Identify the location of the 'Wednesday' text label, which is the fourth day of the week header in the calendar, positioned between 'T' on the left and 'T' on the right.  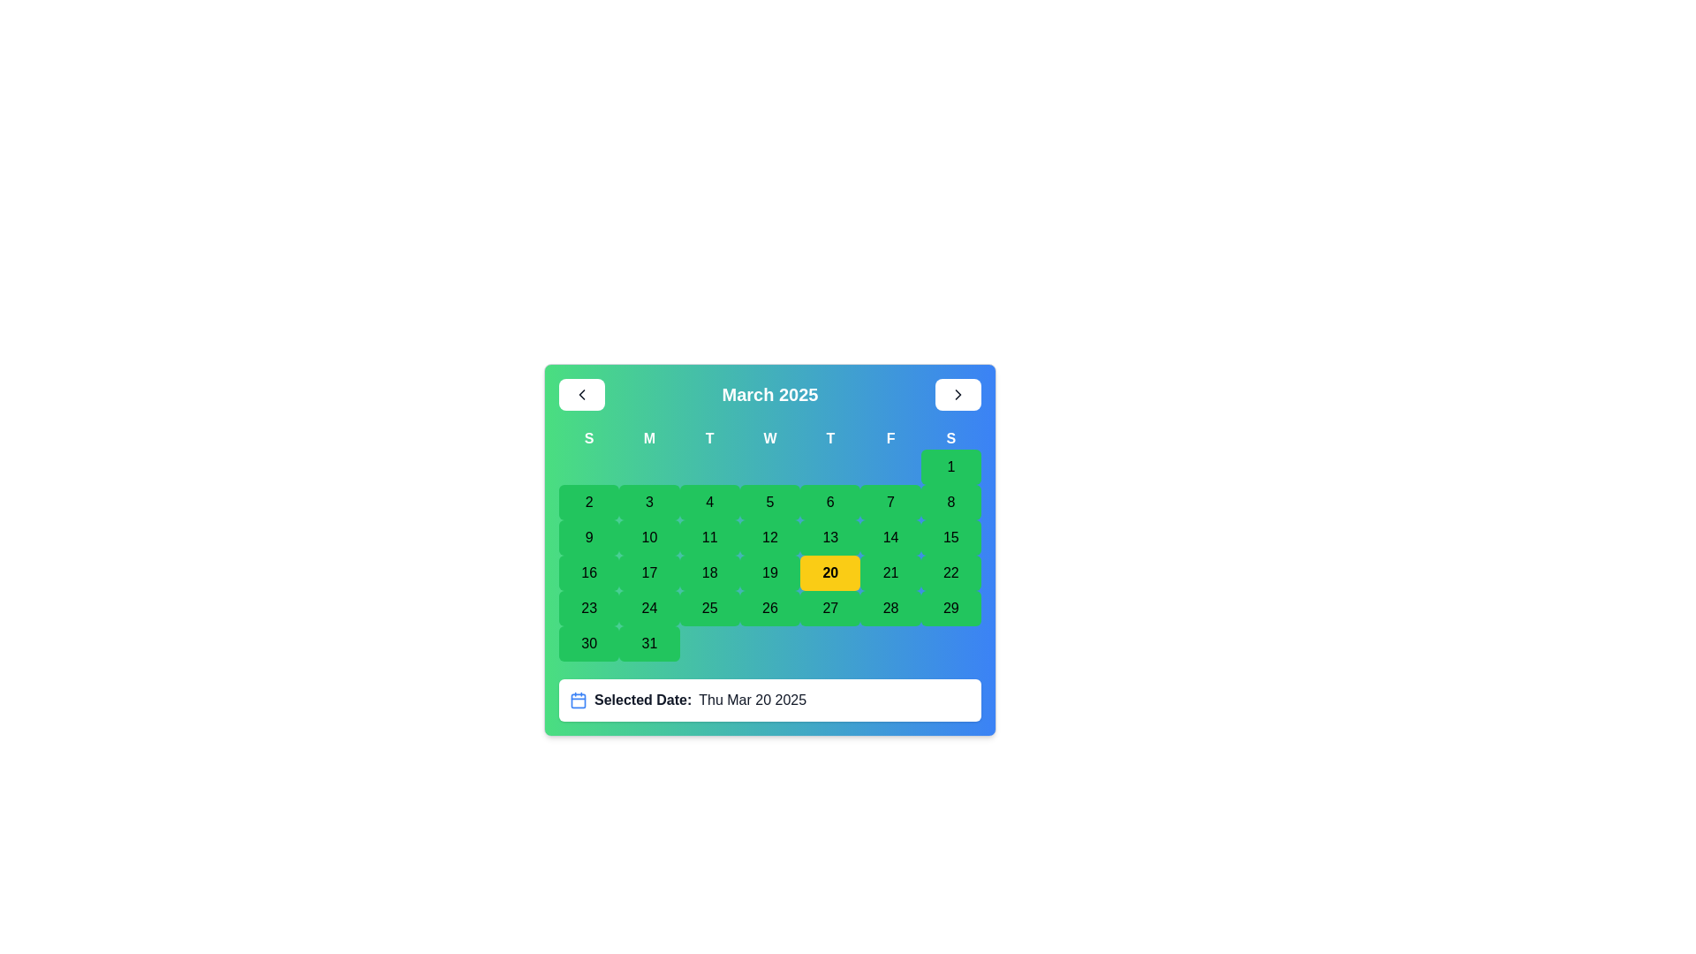
(770, 438).